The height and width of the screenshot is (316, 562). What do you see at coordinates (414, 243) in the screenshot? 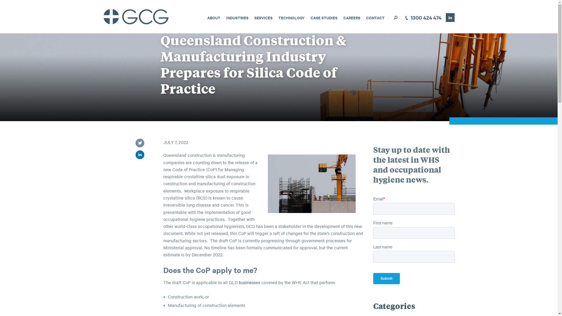
I see `'Form 0'` at bounding box center [414, 243].